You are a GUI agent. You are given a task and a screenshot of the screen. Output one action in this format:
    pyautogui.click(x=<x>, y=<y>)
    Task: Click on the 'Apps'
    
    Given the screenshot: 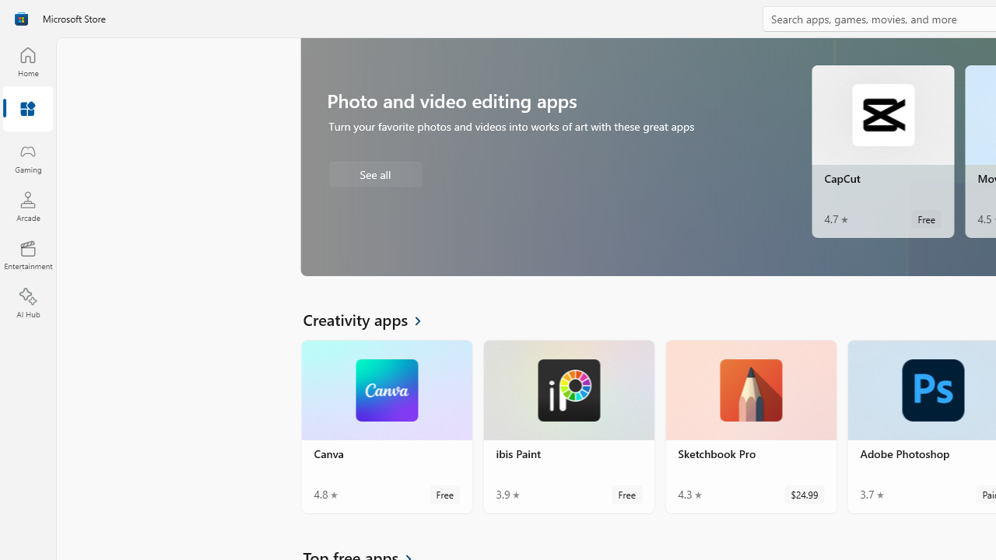 What is the action you would take?
    pyautogui.click(x=27, y=109)
    